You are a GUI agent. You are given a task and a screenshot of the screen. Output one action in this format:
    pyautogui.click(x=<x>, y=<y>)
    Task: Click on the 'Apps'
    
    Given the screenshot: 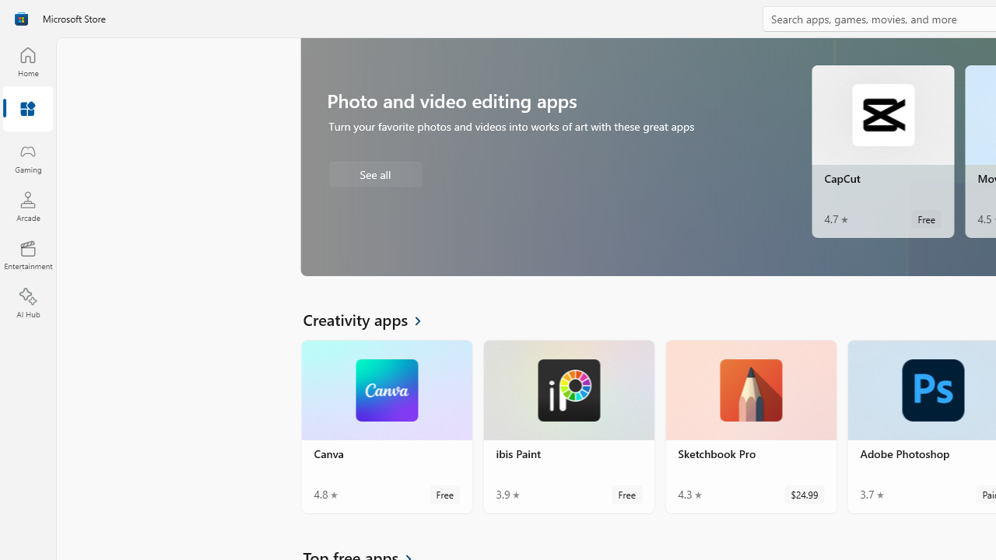 What is the action you would take?
    pyautogui.click(x=27, y=109)
    